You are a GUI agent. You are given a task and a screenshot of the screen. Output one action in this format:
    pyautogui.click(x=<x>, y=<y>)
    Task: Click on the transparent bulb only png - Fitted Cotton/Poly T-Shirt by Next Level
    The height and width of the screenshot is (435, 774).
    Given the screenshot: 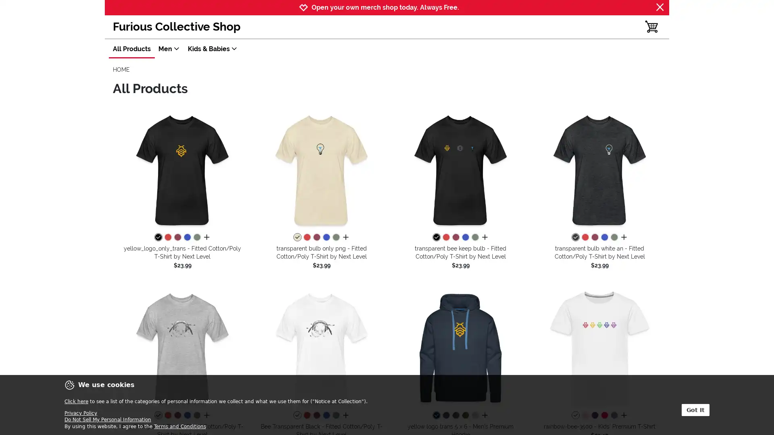 What is the action you would take?
    pyautogui.click(x=321, y=169)
    